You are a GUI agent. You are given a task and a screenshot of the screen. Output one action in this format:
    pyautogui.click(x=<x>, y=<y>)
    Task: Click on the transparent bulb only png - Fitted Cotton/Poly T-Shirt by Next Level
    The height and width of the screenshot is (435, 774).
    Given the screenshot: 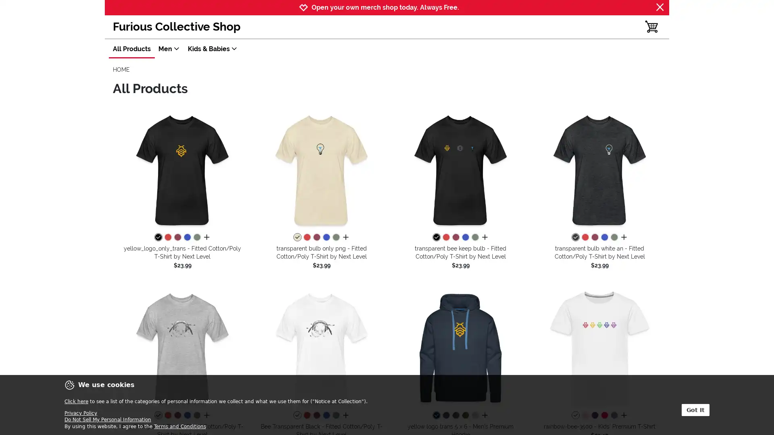 What is the action you would take?
    pyautogui.click(x=321, y=169)
    